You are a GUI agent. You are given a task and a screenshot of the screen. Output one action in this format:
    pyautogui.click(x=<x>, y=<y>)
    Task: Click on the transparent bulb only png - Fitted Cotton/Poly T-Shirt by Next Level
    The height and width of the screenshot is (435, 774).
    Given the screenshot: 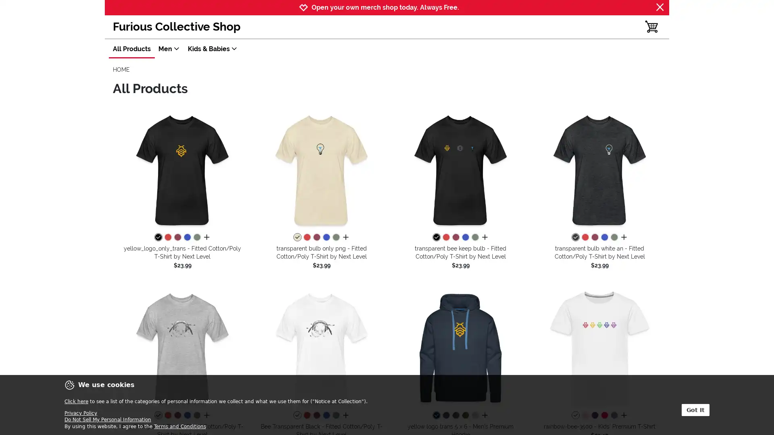 What is the action you would take?
    pyautogui.click(x=321, y=169)
    